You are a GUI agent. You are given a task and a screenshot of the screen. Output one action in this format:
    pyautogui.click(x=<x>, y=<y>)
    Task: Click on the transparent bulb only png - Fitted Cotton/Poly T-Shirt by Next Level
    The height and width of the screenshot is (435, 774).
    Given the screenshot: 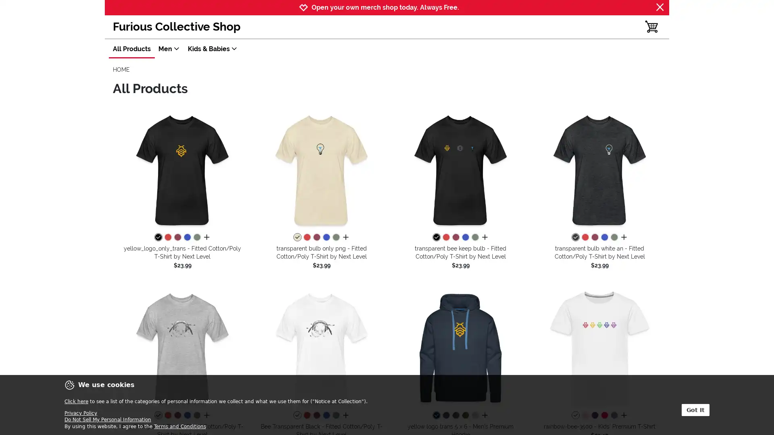 What is the action you would take?
    pyautogui.click(x=321, y=169)
    